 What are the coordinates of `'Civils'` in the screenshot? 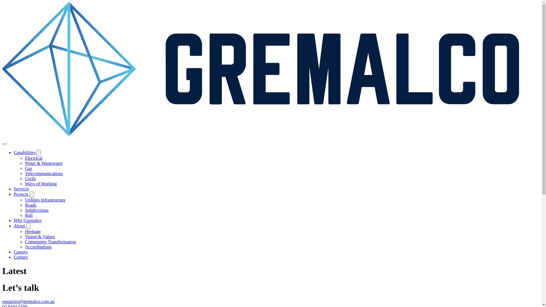 It's located at (30, 178).